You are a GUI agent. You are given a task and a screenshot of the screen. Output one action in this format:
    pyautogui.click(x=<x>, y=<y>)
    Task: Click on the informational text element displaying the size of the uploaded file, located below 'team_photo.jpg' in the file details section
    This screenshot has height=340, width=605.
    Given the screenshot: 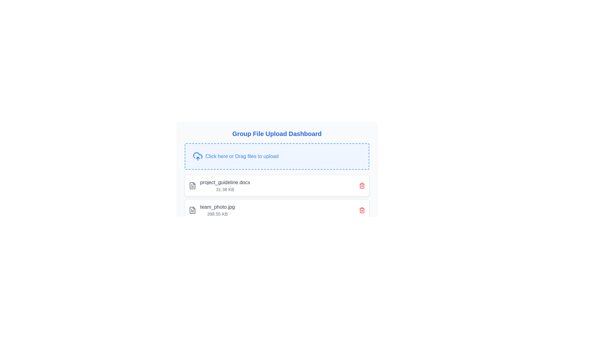 What is the action you would take?
    pyautogui.click(x=217, y=213)
    